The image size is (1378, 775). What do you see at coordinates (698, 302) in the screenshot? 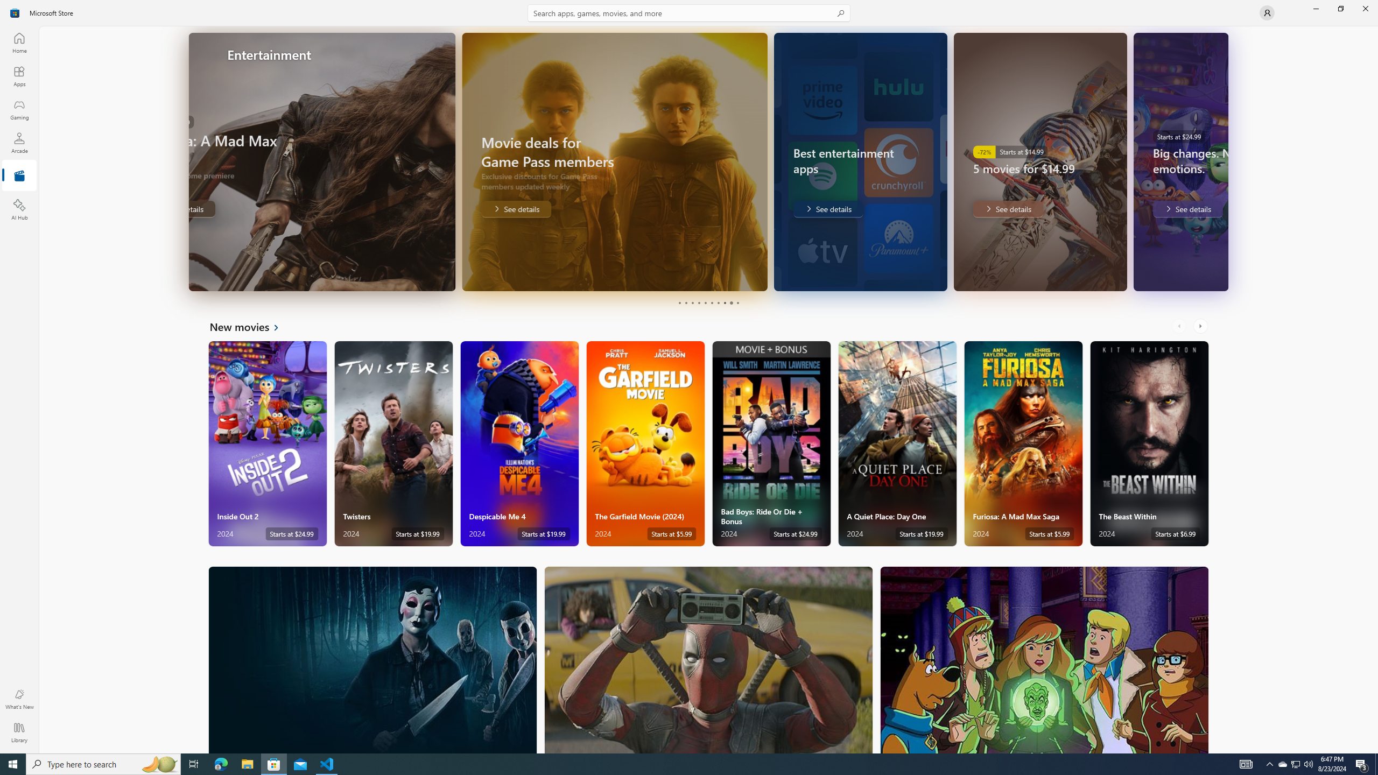
I see `'Page 4'` at bounding box center [698, 302].